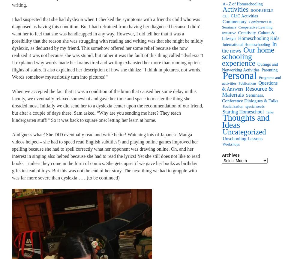 The image size is (294, 259). Describe the element at coordinates (246, 44) in the screenshot. I see `'International Homeschooling'` at that location.